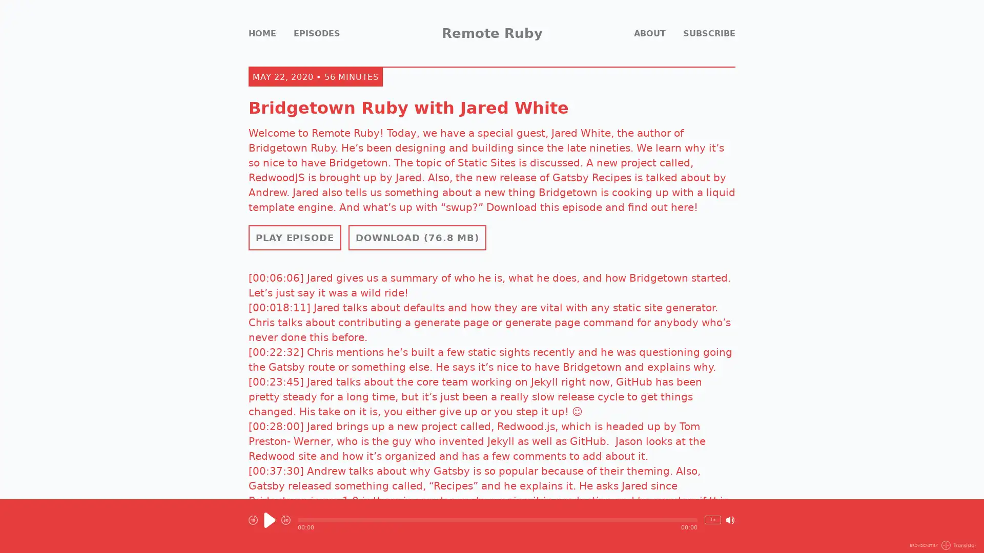 This screenshot has width=984, height=553. I want to click on Mute/Unmute, so click(730, 519).